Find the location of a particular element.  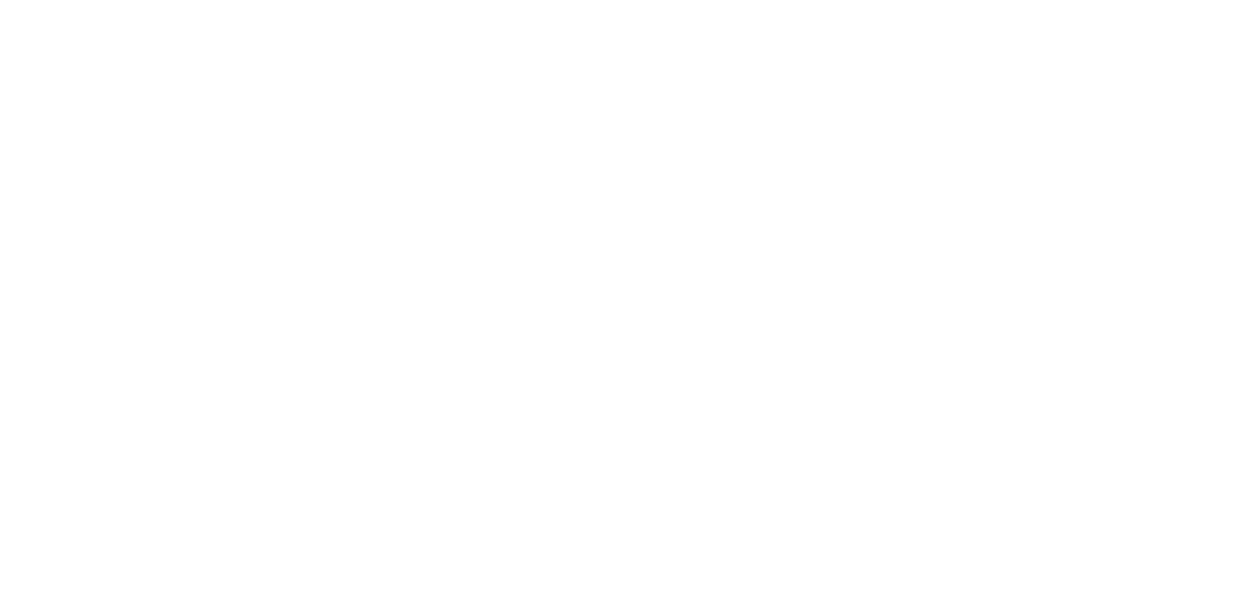

'IN VB6. MICROSOFT INTRODUCED a technology that used HTML templates in conjunction with an ASP page and a special type of VB6 dynamic link library (DLL) called a WebClass. Although the implementation had some serious problems. WebClasses clearly foreshadowed the direction that Microsoft has taken with .NET. WebClasses let you cleanly separate your code from the visual interface. Microsoft obviously learned a lot from the Web~lass experiment. Web forms are like WebClasses on steroids.' is located at coordinates (529, 395).